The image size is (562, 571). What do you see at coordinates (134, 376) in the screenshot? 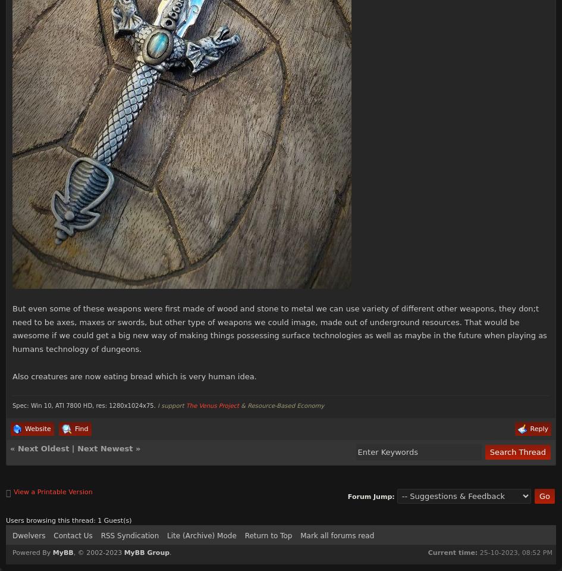
I see `'Also creatures are now eating bread which is very human idea.'` at bounding box center [134, 376].